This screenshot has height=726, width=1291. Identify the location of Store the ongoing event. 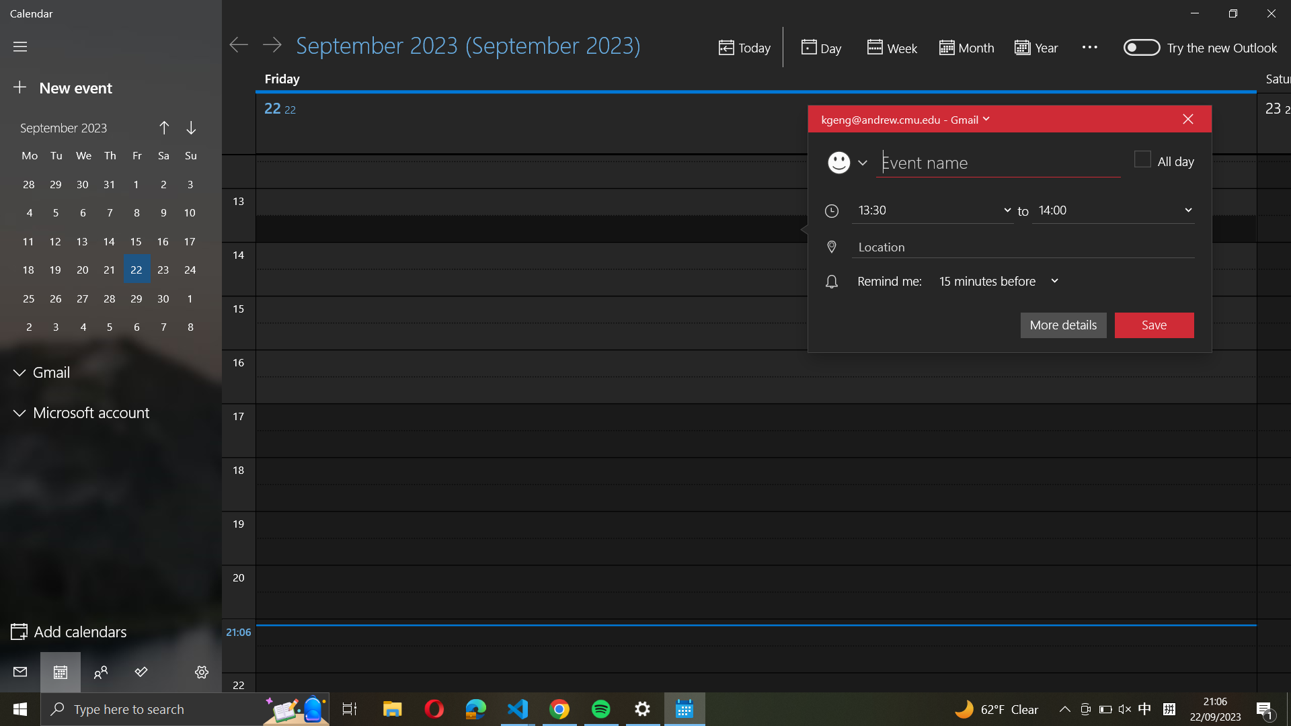
(1154, 324).